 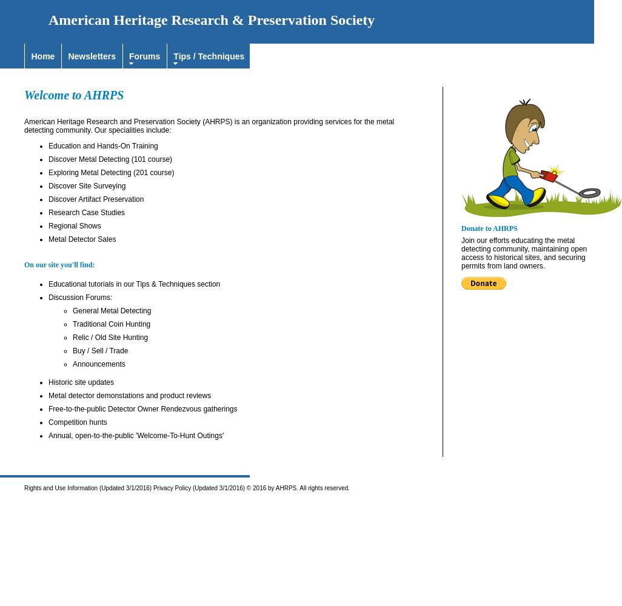 I want to click on 'American Heritage Research and Preservation Society (AHRPS) is an organization providing services for the metal detecting community. Our specialities include:', so click(x=209, y=125).